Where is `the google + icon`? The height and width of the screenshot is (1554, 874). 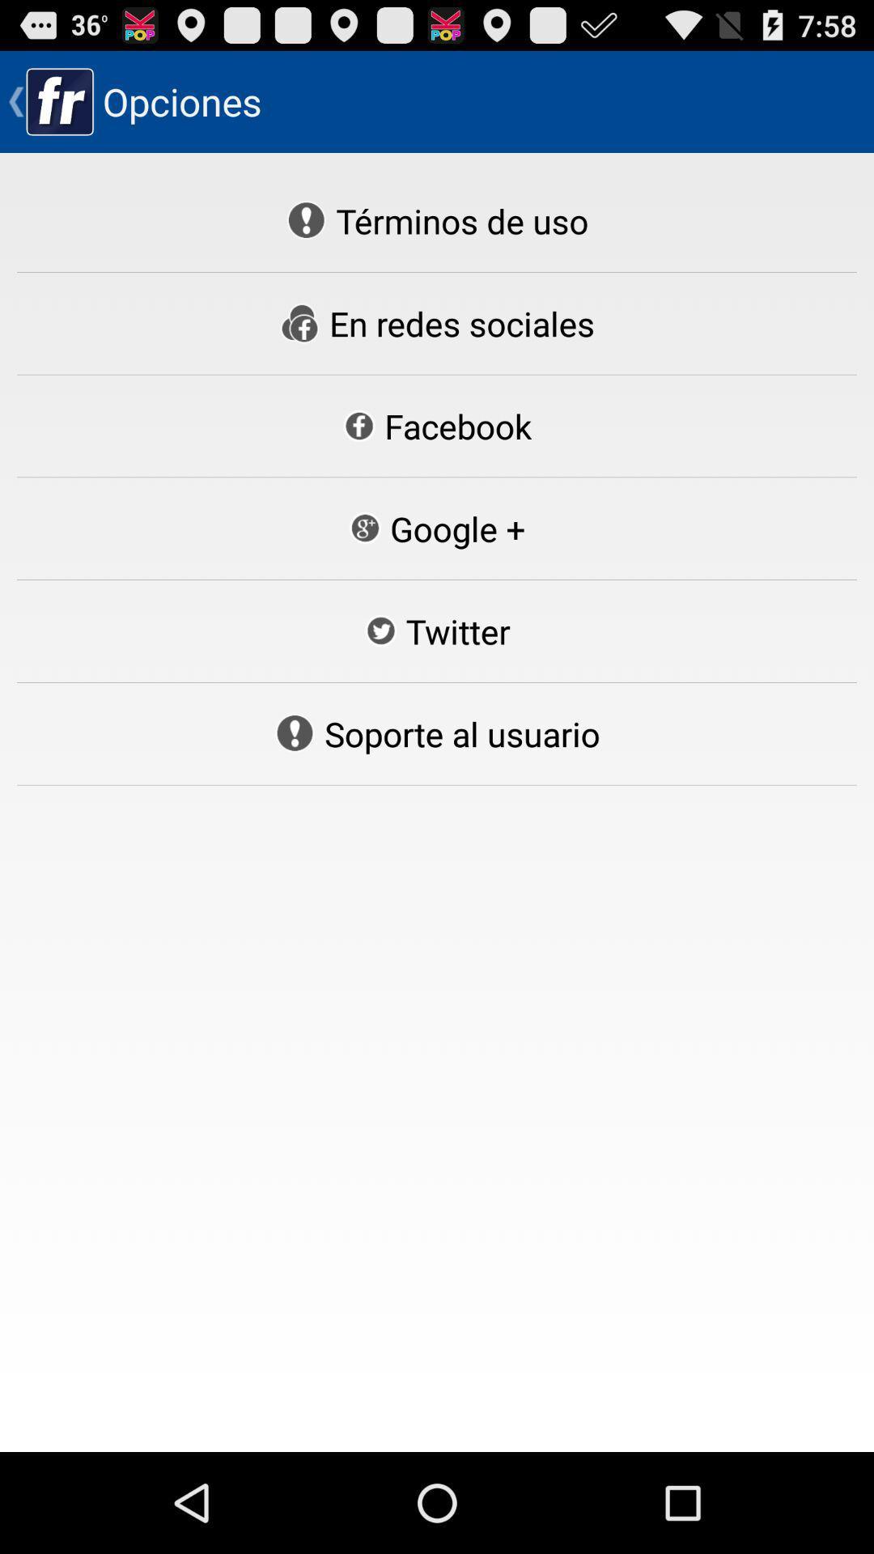 the google + icon is located at coordinates (435, 529).